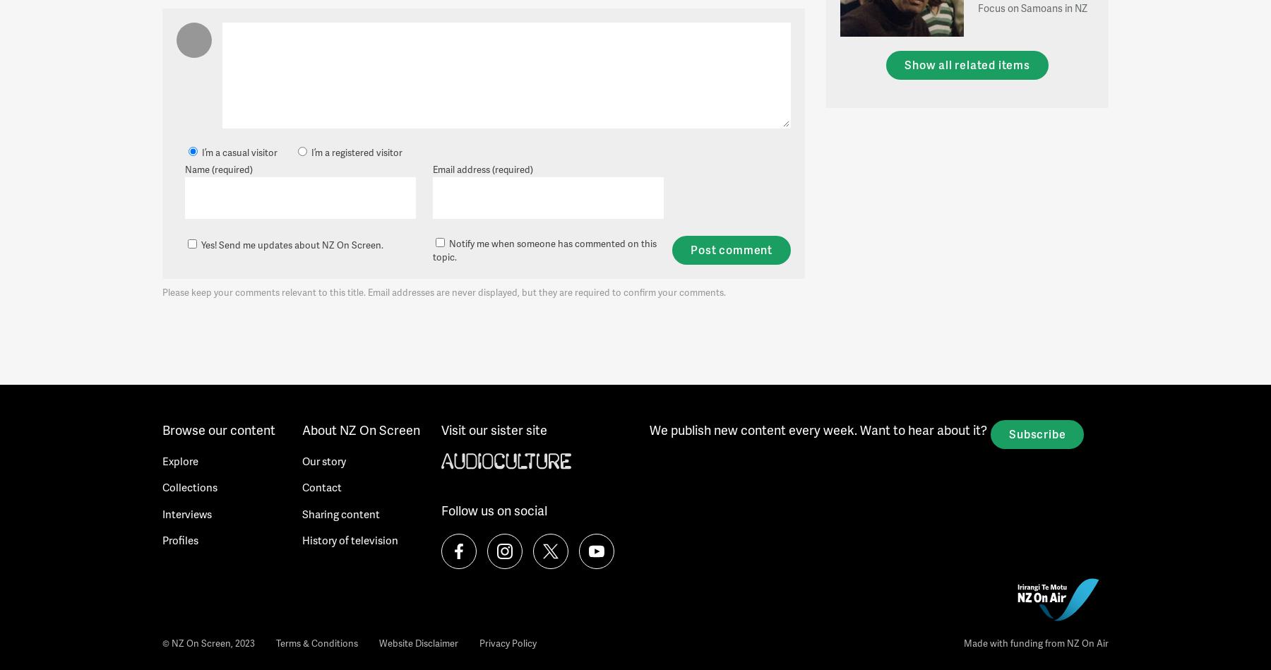 The width and height of the screenshot is (1271, 670). What do you see at coordinates (494, 509) in the screenshot?
I see `'Follow us on social'` at bounding box center [494, 509].